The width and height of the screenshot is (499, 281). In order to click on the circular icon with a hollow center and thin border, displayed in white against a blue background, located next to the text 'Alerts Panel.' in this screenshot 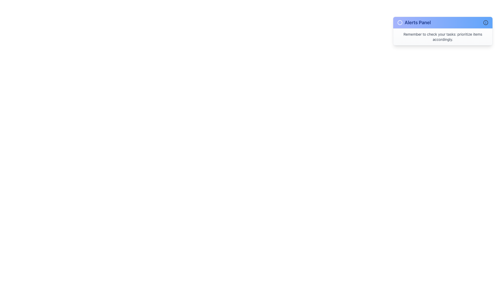, I will do `click(400, 22)`.